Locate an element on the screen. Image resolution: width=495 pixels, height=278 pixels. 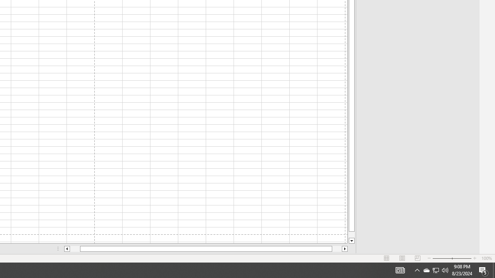
'Column right' is located at coordinates (345, 249).